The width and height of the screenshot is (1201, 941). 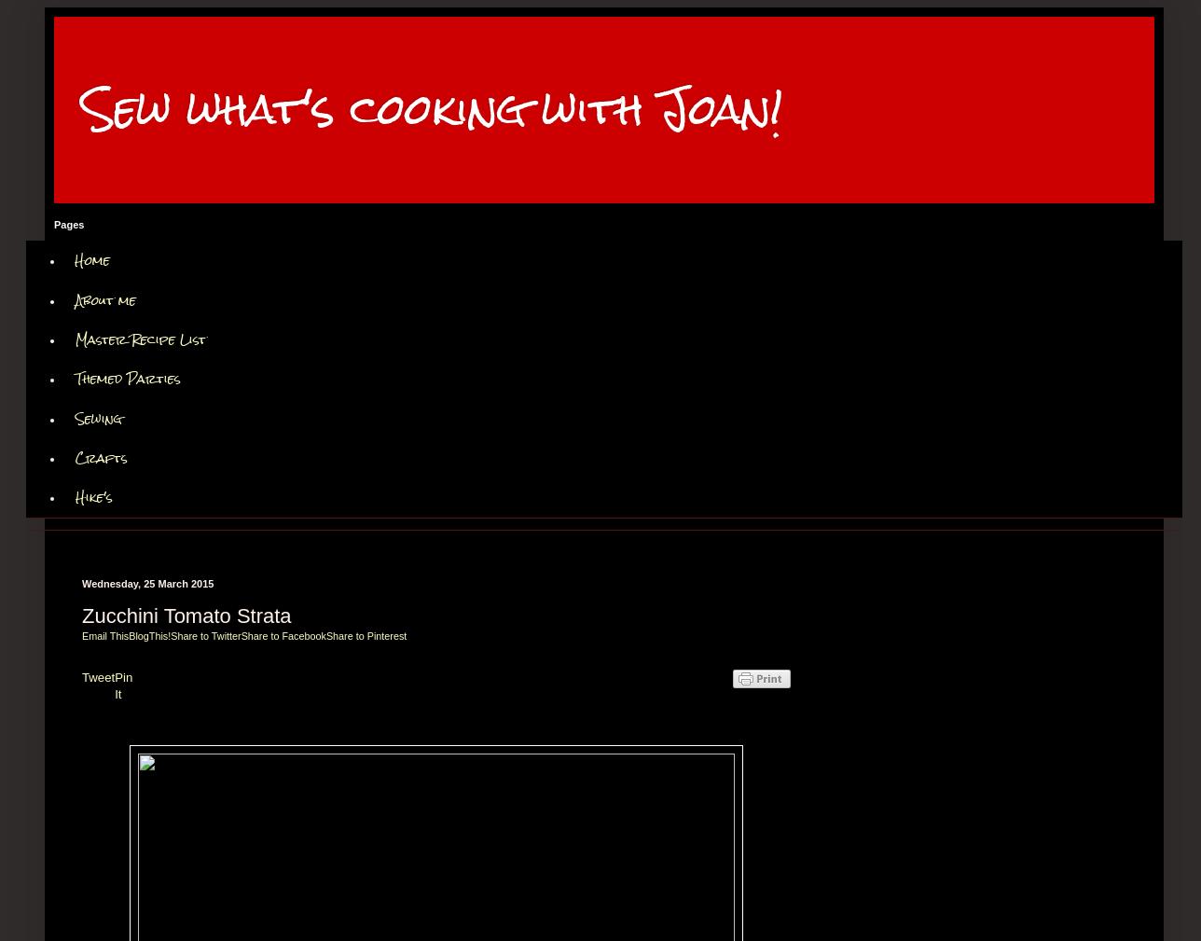 What do you see at coordinates (140, 338) in the screenshot?
I see `'Master Recipe List'` at bounding box center [140, 338].